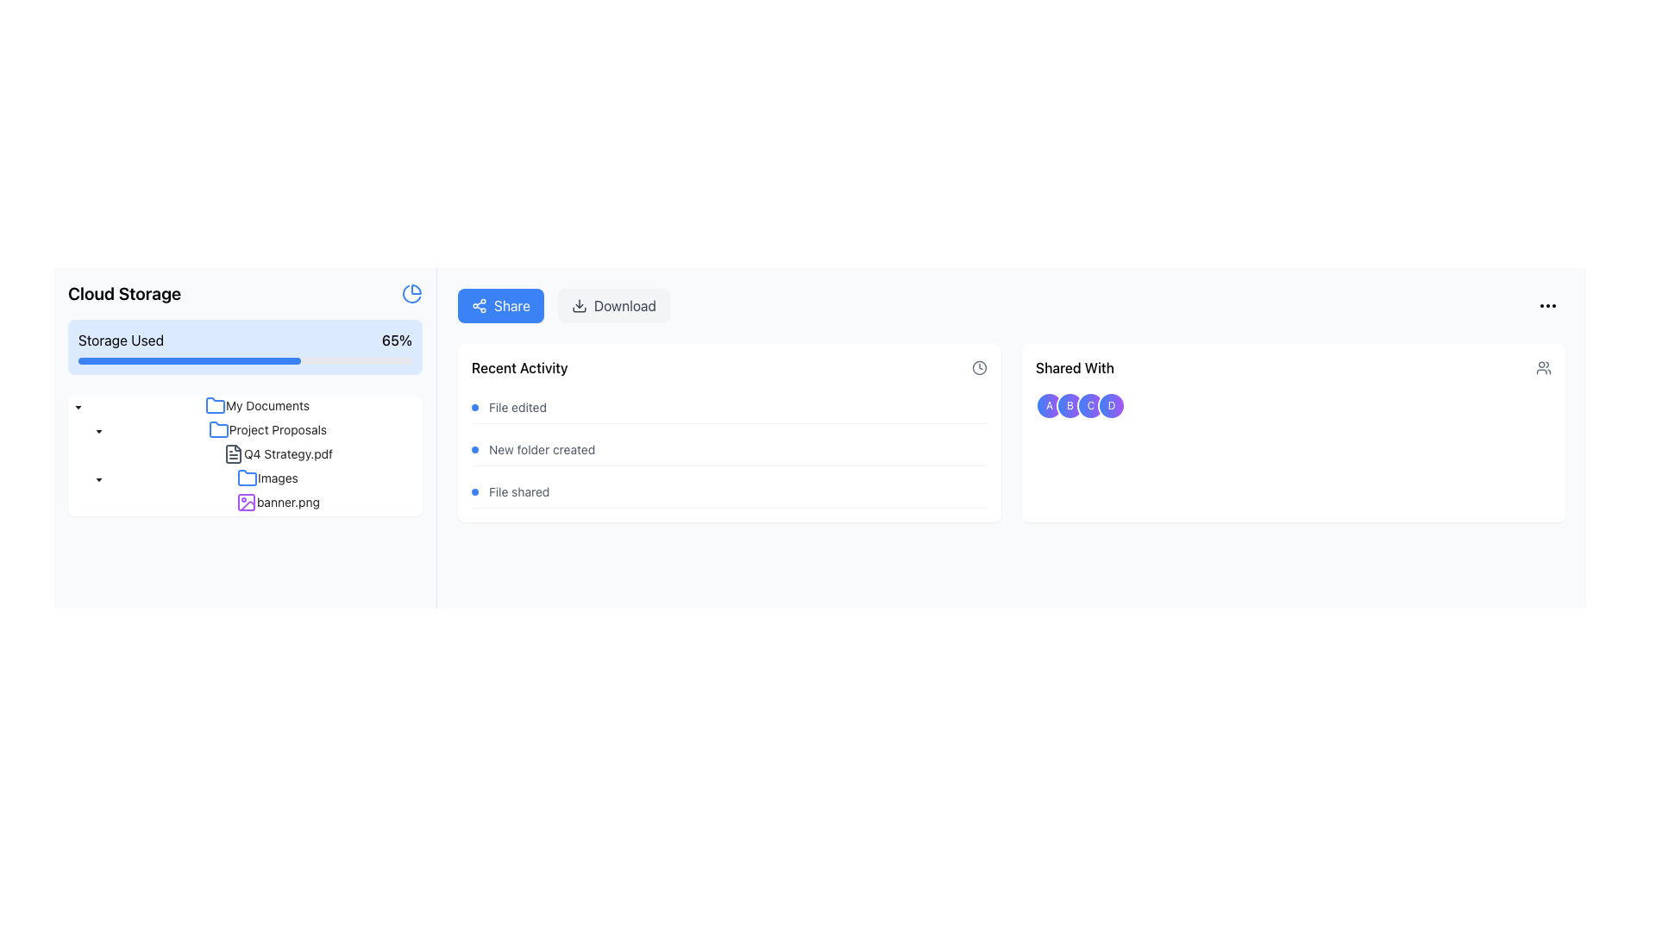 This screenshot has height=931, width=1656. Describe the element at coordinates (278, 478) in the screenshot. I see `the 'Images' directory label located within the tree structure under 'Cloud Storage'` at that location.